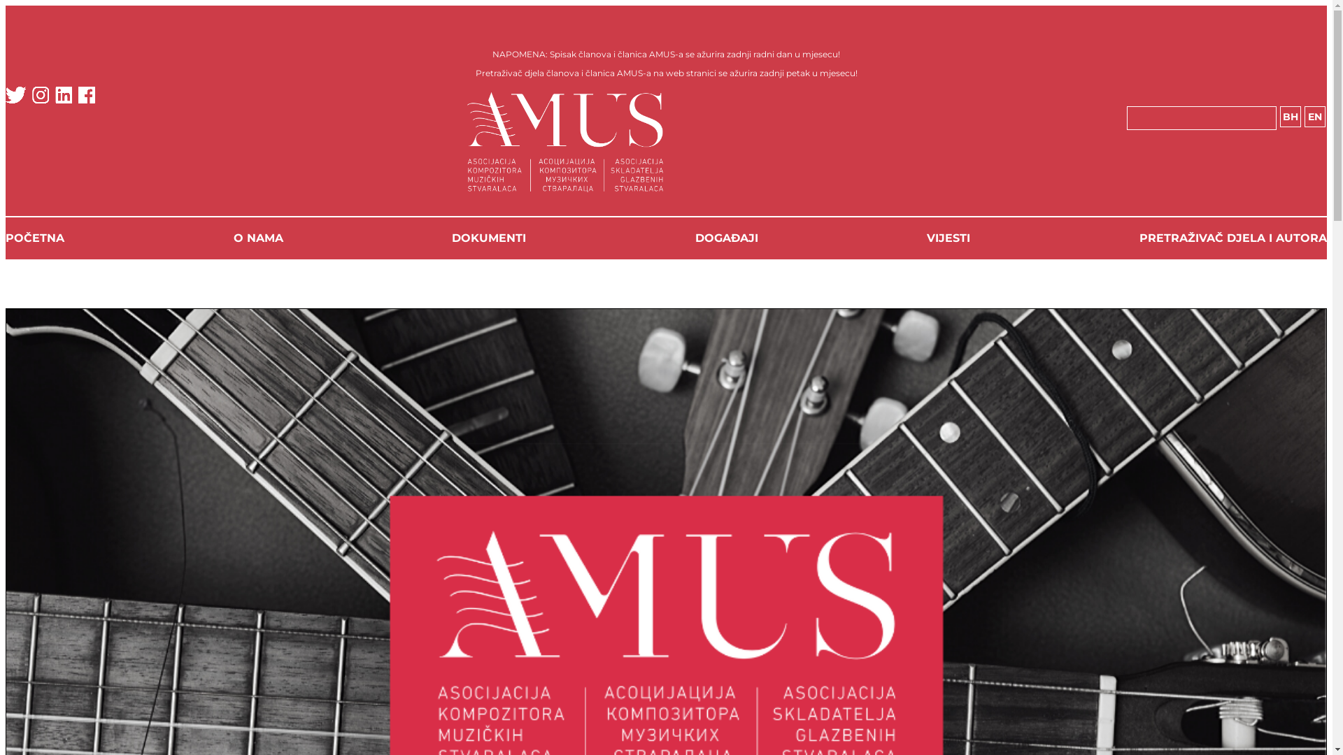  Describe the element at coordinates (1289, 115) in the screenshot. I see `'BH'` at that location.